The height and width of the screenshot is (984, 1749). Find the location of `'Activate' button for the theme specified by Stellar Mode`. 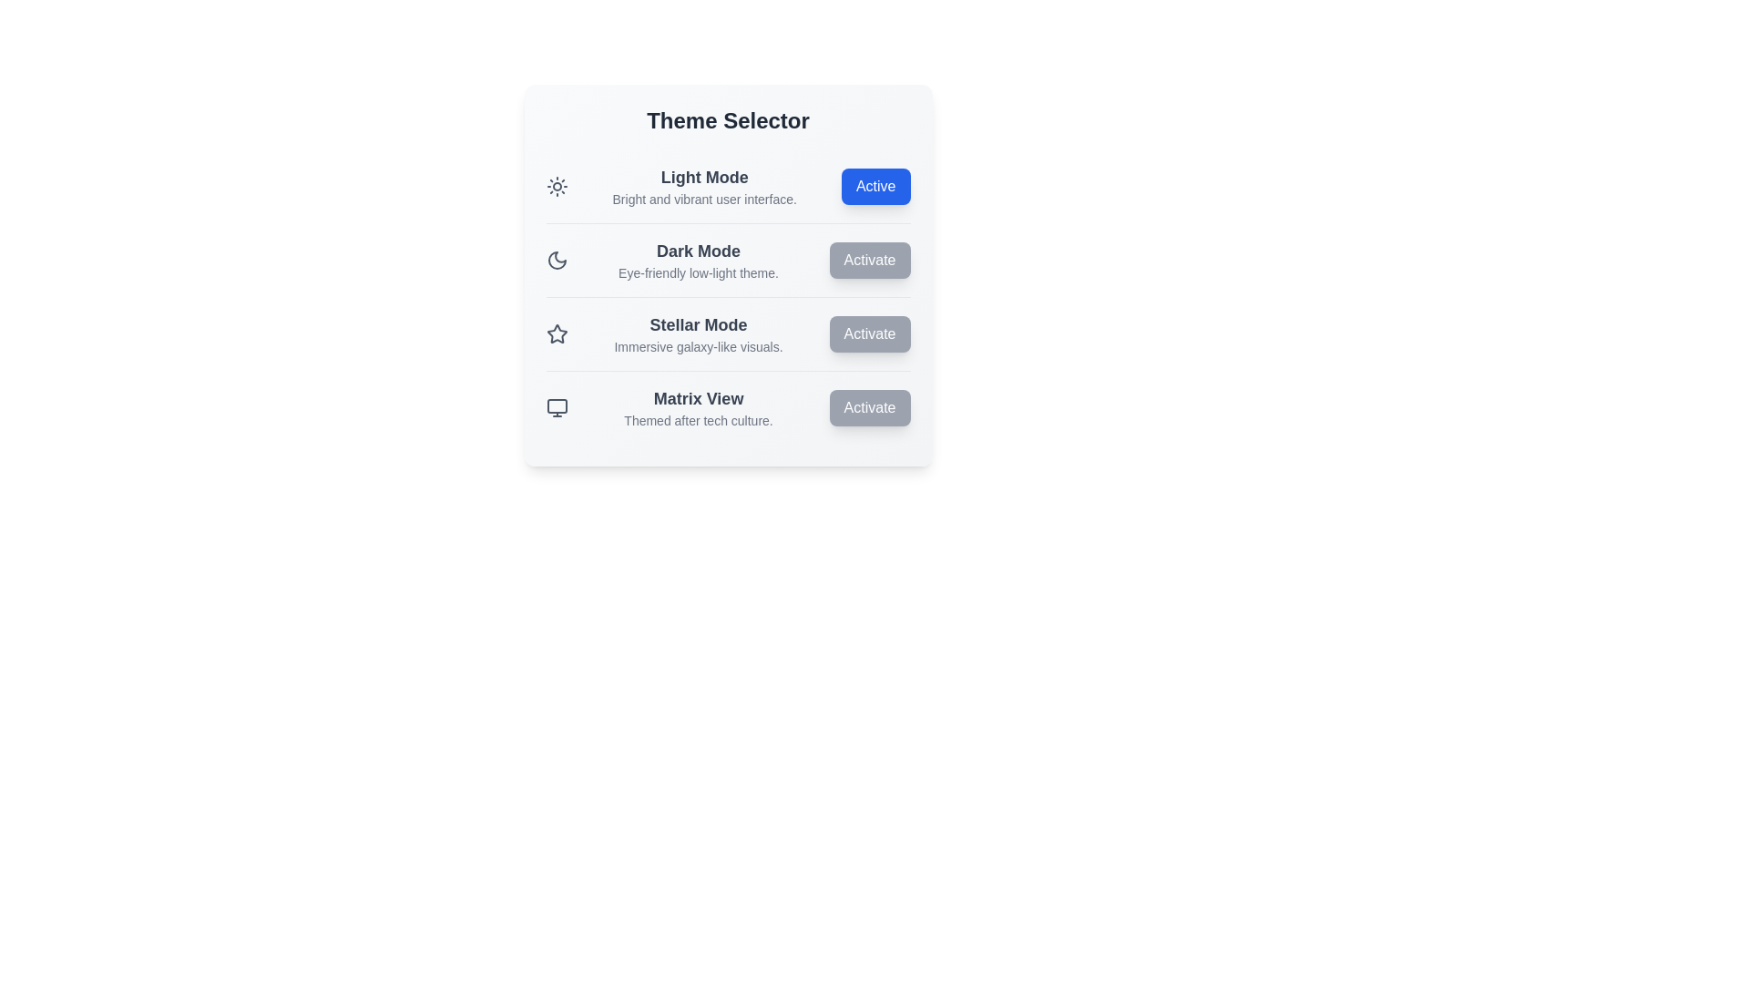

'Activate' button for the theme specified by Stellar Mode is located at coordinates (869, 333).